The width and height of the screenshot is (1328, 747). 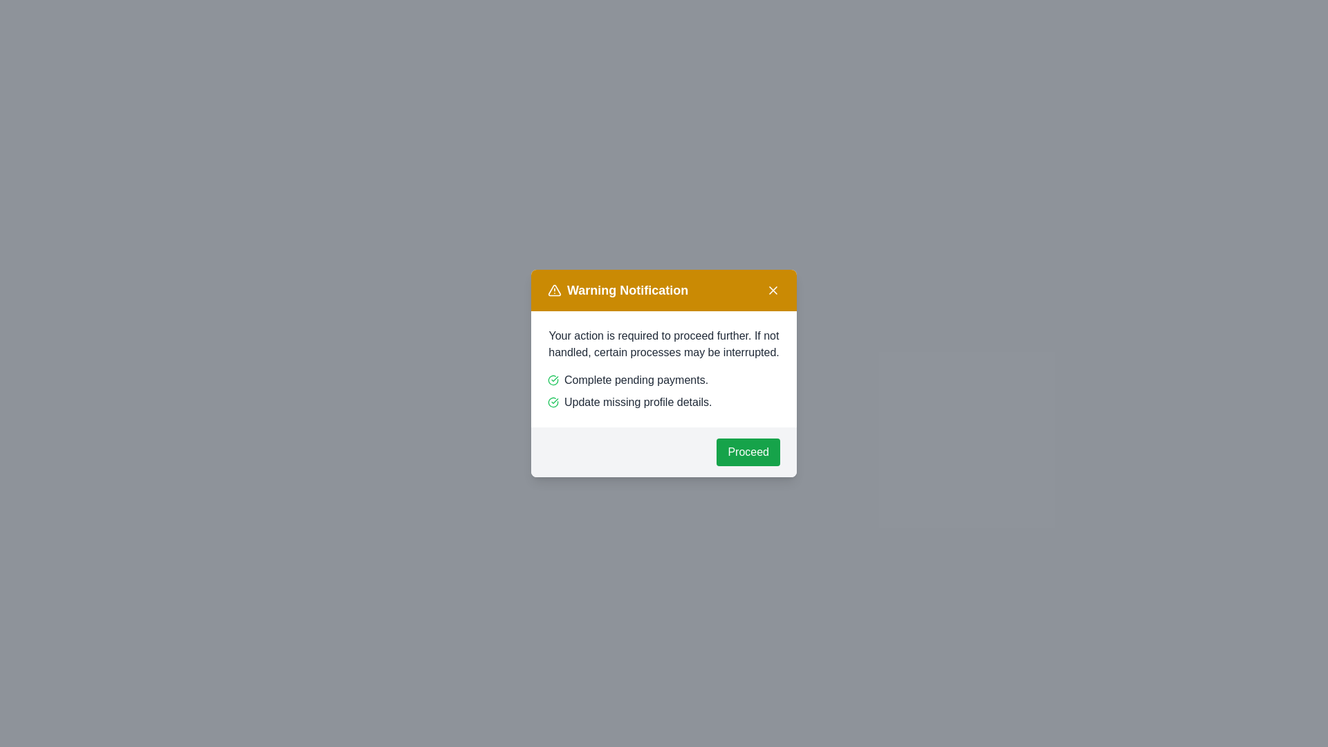 What do you see at coordinates (553, 380) in the screenshot?
I see `the circular green icon with a checkmark located beside the text 'Complete pending payments.'` at bounding box center [553, 380].